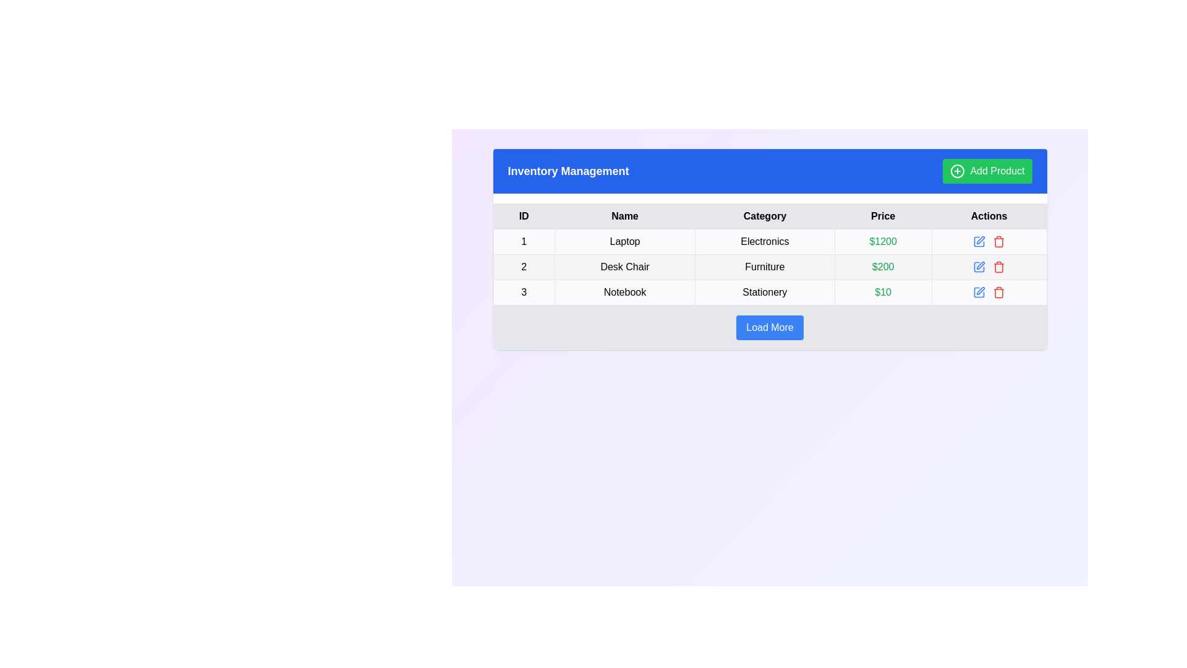 The image size is (1187, 668). I want to click on the static text element displaying the price '$1200' in green color, located in the fourth column of the first row of the inventory management table, so click(882, 241).